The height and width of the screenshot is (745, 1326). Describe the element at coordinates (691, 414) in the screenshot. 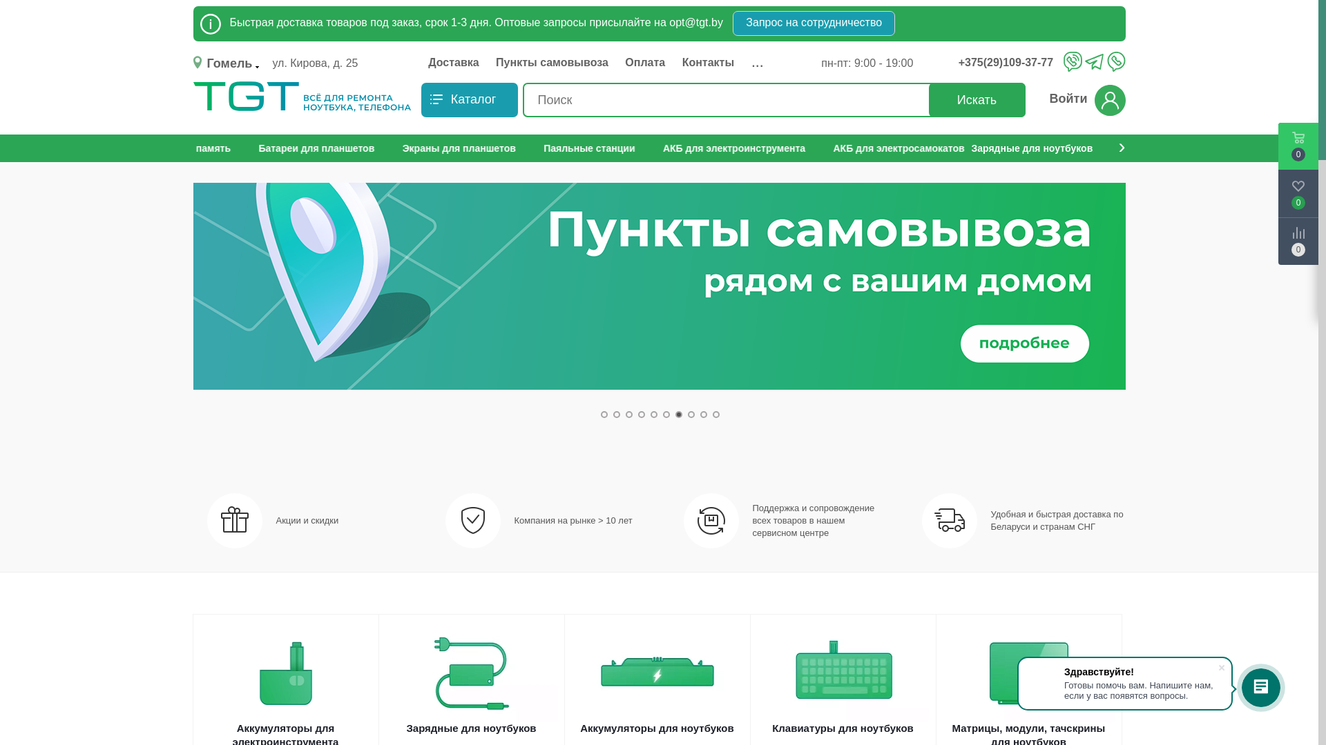

I see `'8'` at that location.